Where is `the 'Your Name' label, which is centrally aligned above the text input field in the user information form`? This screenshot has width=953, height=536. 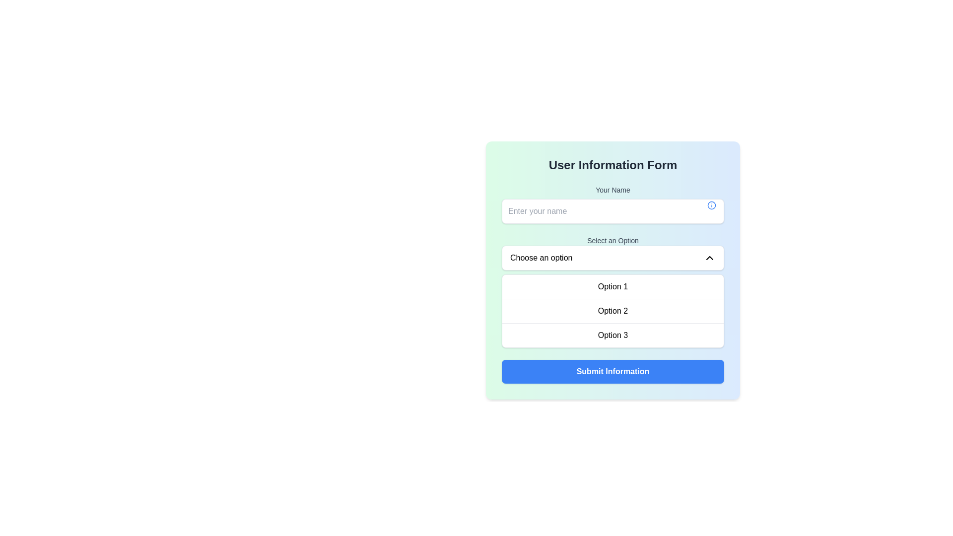
the 'Your Name' label, which is centrally aligned above the text input field in the user information form is located at coordinates (612, 190).